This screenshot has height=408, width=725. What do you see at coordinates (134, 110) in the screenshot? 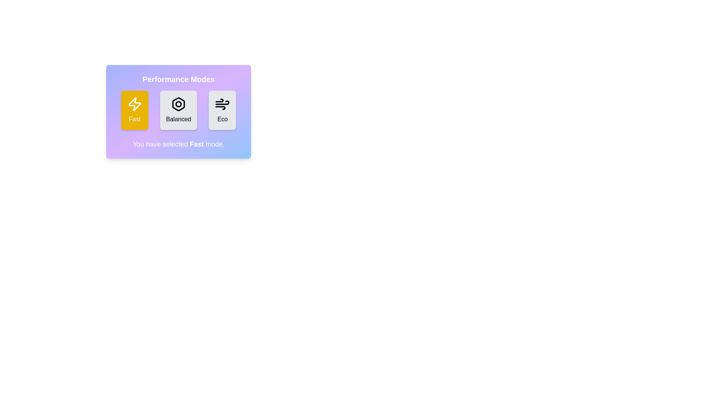
I see `the button corresponding to the mode 'Fast' to select it` at bounding box center [134, 110].